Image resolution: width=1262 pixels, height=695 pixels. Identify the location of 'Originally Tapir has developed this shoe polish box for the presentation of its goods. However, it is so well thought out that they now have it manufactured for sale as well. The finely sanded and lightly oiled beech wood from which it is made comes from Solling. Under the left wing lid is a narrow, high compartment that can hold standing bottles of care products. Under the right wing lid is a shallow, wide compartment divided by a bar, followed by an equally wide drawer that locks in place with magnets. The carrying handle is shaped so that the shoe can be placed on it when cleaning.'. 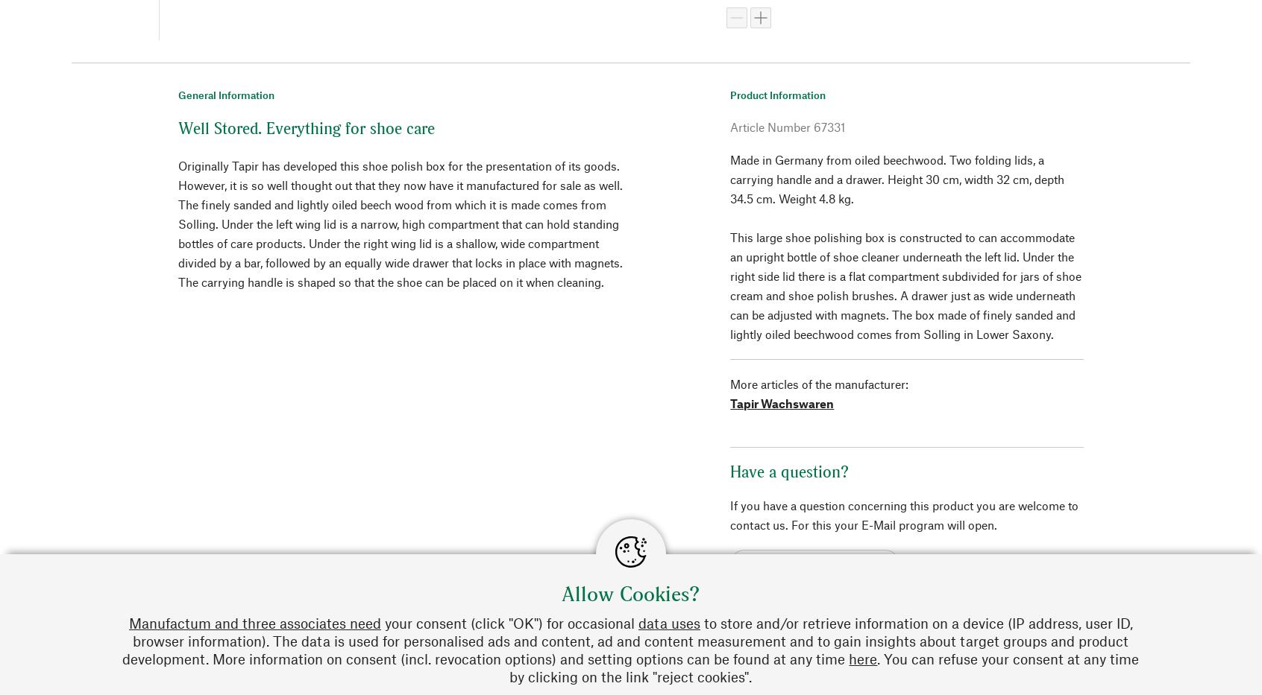
(401, 223).